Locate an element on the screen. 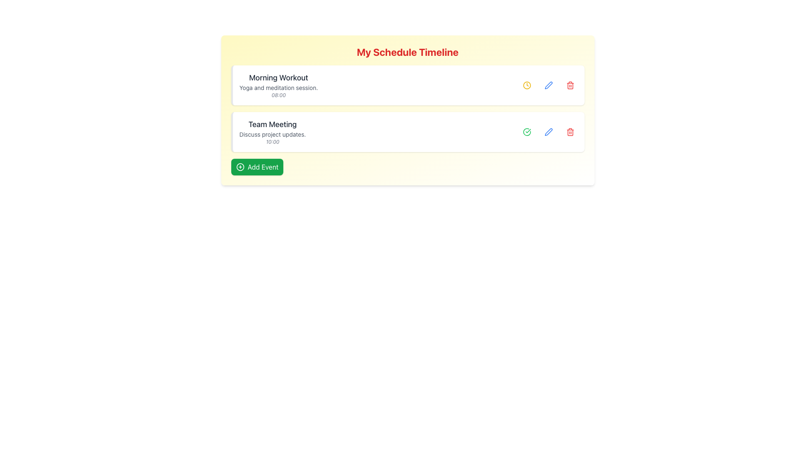  the descriptive text element located below the 'Team Meeting' title and above the '10:00' timestamp in the second card of the timeline is located at coordinates (272, 134).